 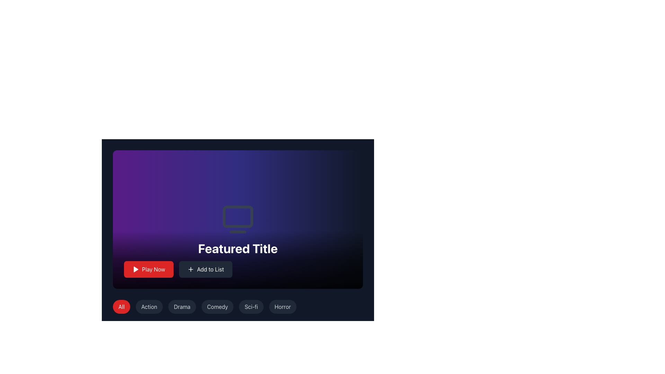 What do you see at coordinates (149, 306) in the screenshot?
I see `the 'Action' button, which is the second button from the left in a horizontal list, featuring a dark gray background and light gray text` at bounding box center [149, 306].